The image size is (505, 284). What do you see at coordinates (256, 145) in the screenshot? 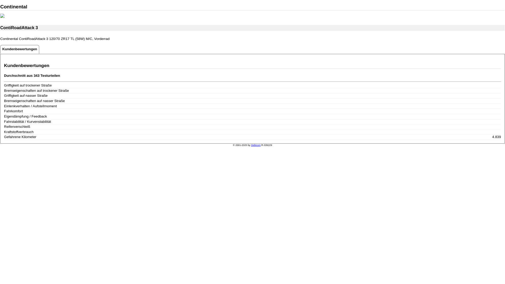
I see `'Delticom'` at bounding box center [256, 145].